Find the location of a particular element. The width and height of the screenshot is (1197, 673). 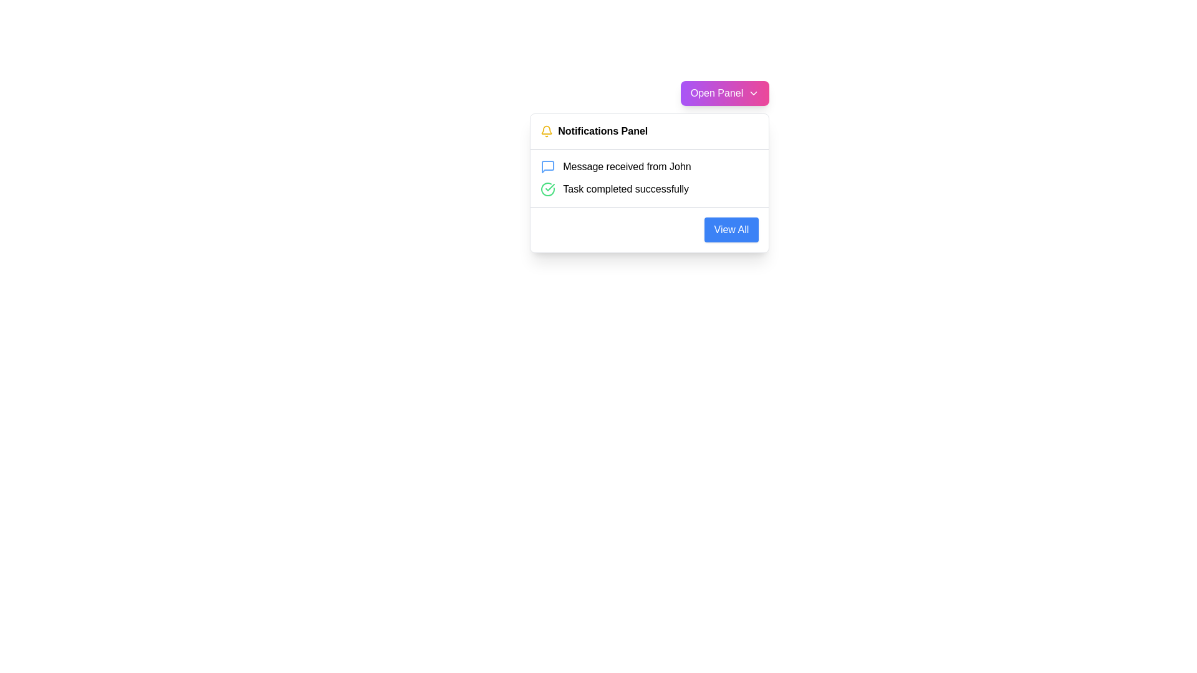

the text label that reads 'Task completed successfully' within the notifications interface, which indicates a completed task status is located at coordinates (626, 189).